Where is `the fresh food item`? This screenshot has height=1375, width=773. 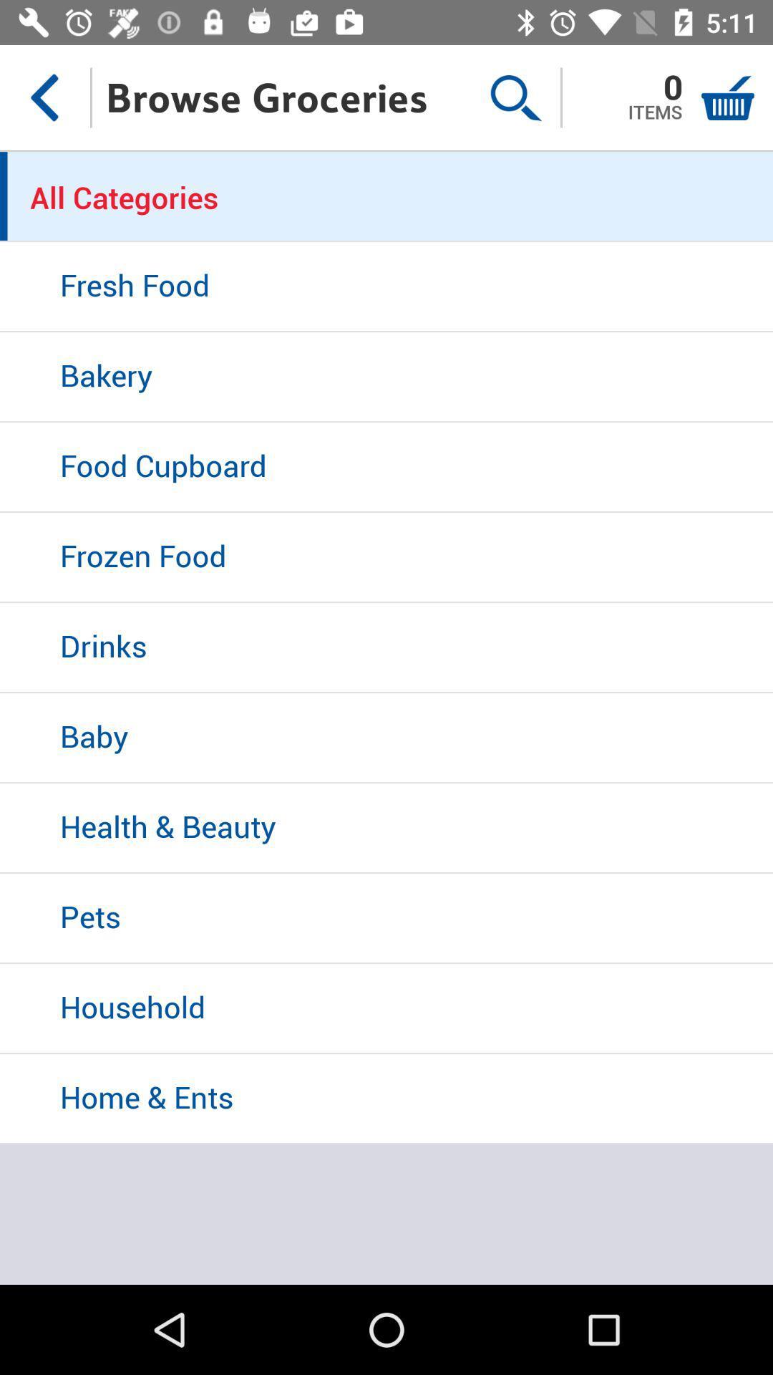
the fresh food item is located at coordinates (386, 286).